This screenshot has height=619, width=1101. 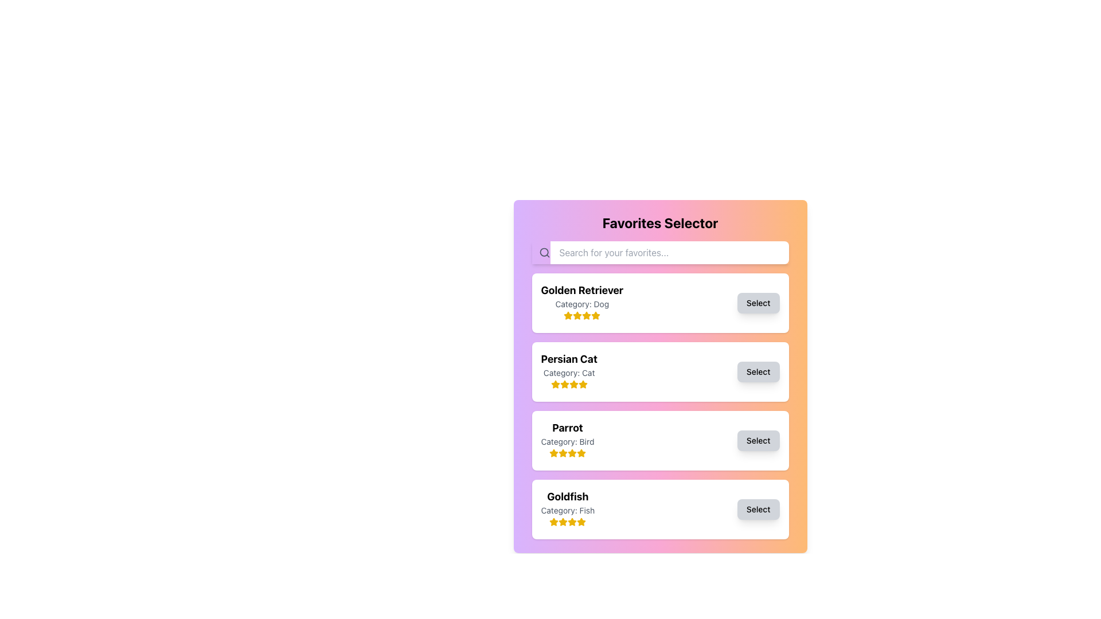 What do you see at coordinates (587, 315) in the screenshot?
I see `the third star-shaped icon with a yellow fill located beneath the 'Golden Retriever' text and above the 'Category: Dog' description` at bounding box center [587, 315].